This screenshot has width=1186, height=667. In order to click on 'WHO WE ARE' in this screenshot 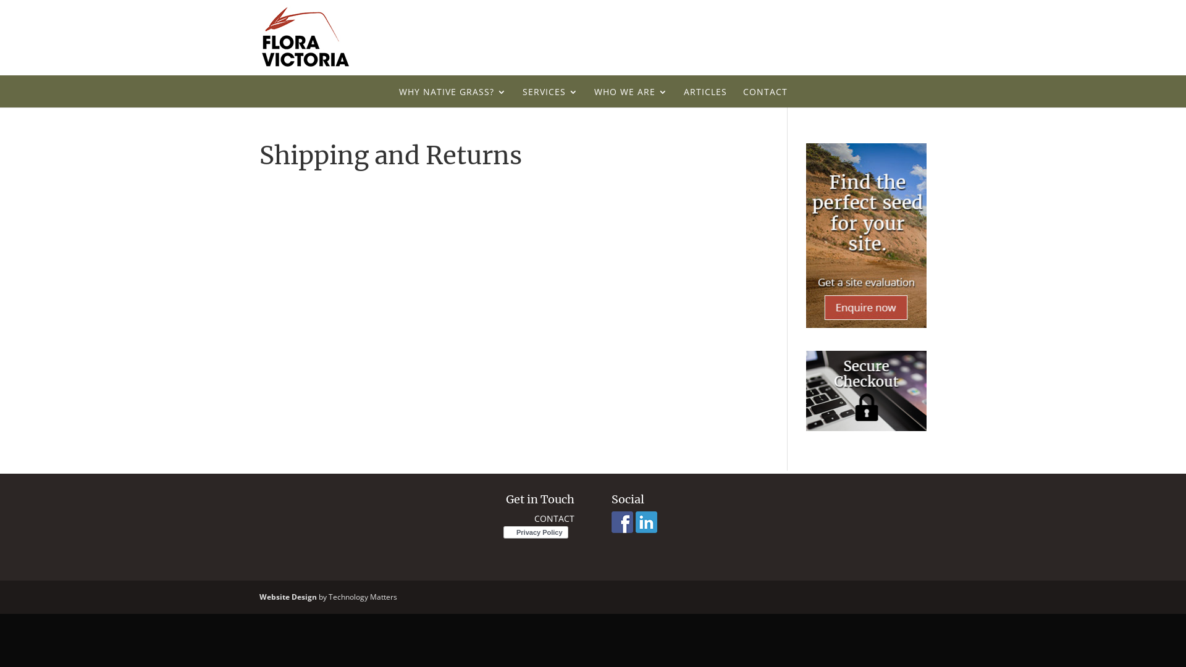, I will do `click(631, 97)`.